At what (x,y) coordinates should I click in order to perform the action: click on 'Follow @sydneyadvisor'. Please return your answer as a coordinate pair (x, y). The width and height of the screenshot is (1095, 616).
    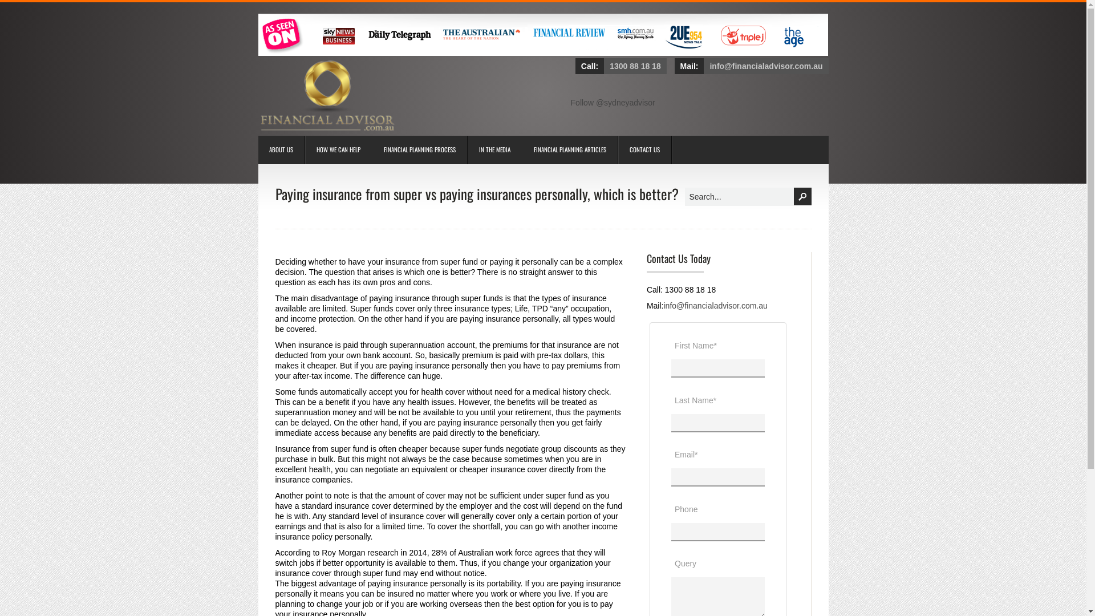
    Looking at the image, I should click on (613, 103).